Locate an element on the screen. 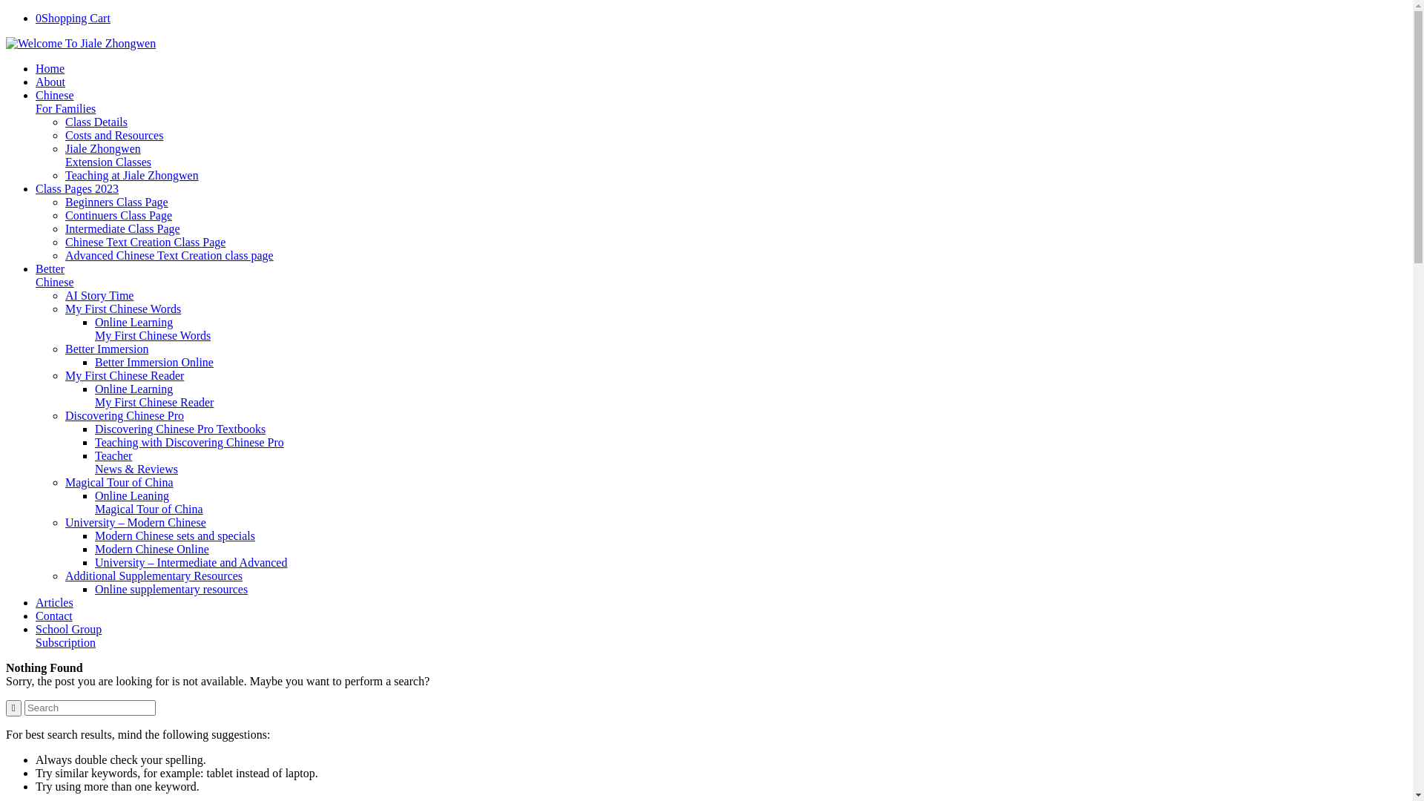 The image size is (1424, 801). 'My First Chinese Reader' is located at coordinates (125, 375).